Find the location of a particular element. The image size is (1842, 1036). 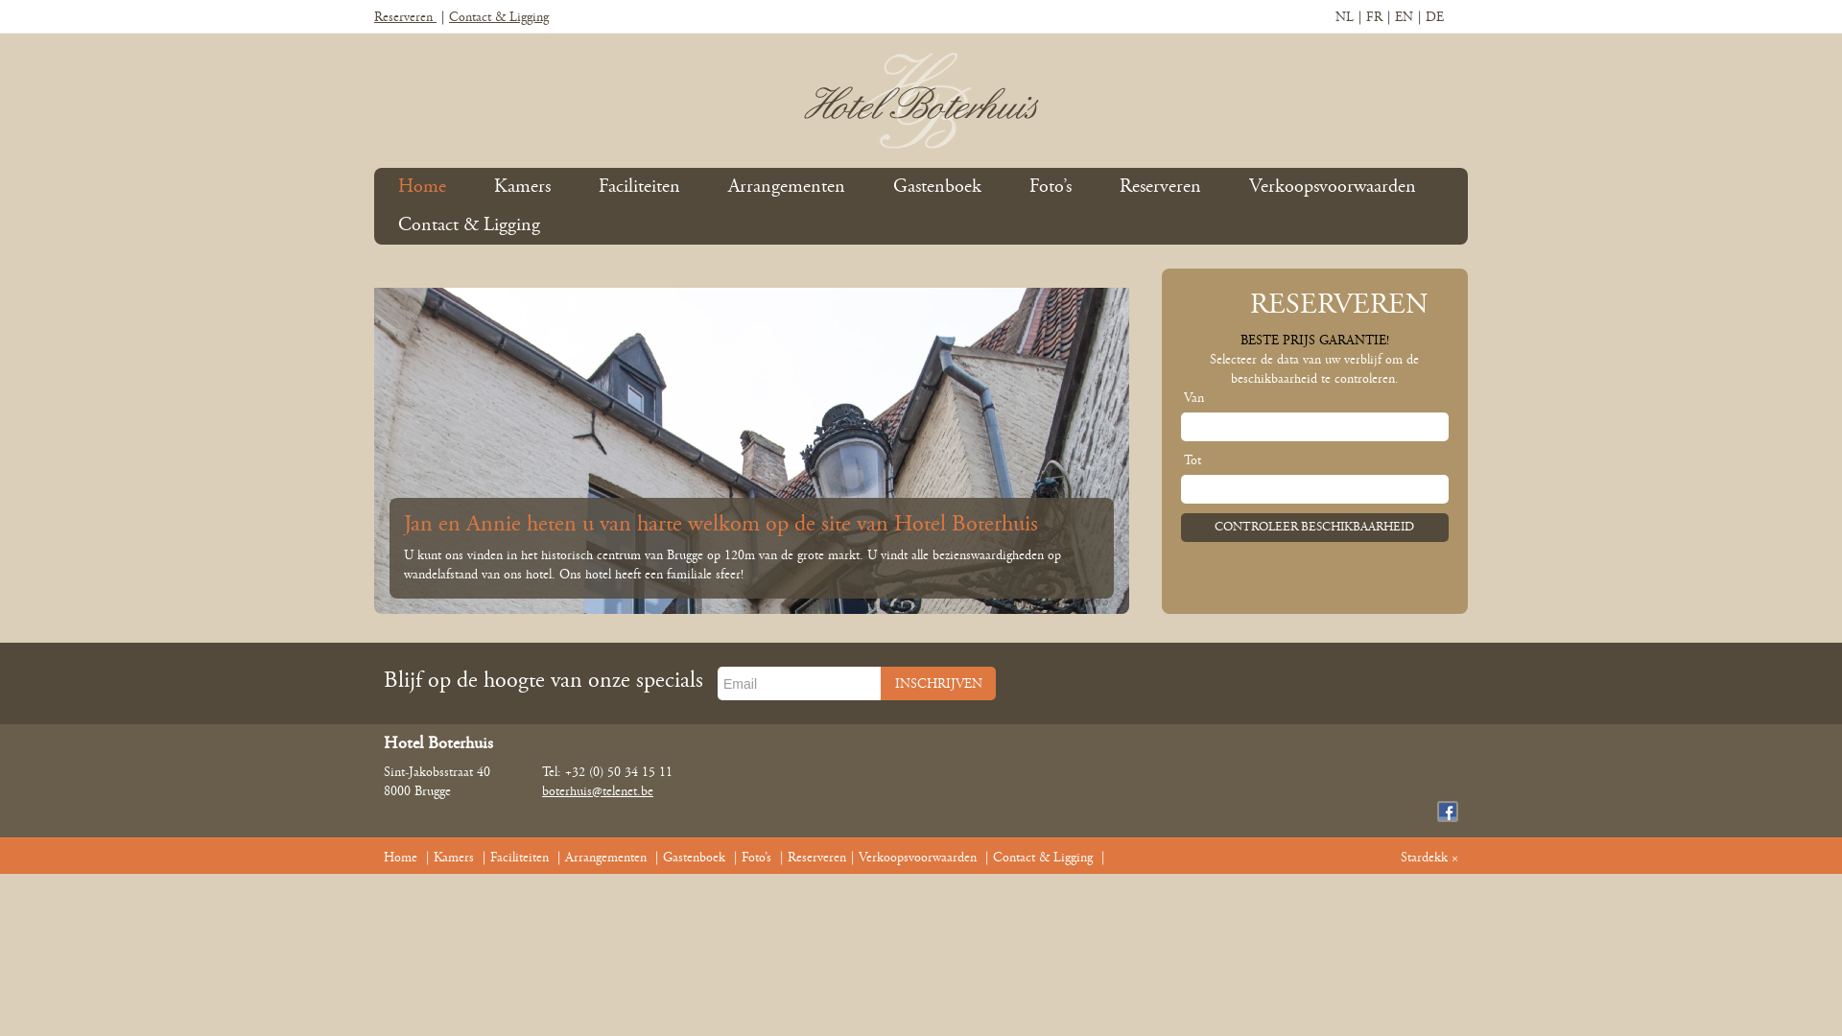

'Controleer beschikbaarheid' is located at coordinates (1313, 528).